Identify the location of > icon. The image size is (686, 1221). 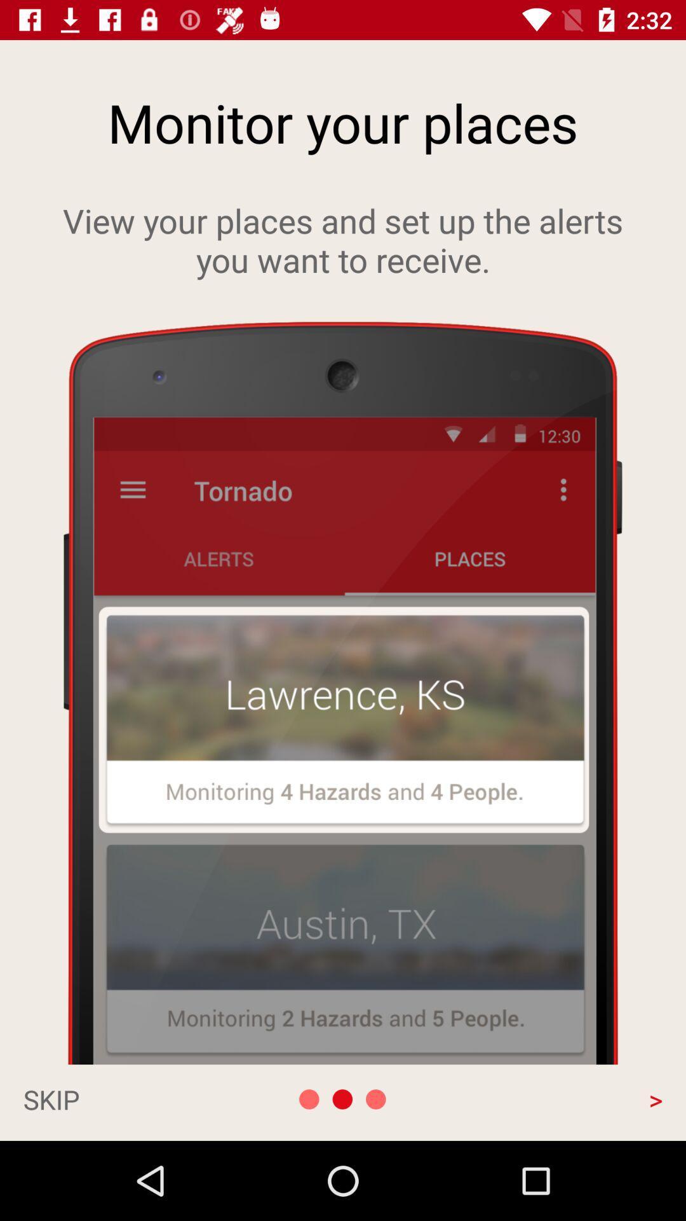
(566, 1098).